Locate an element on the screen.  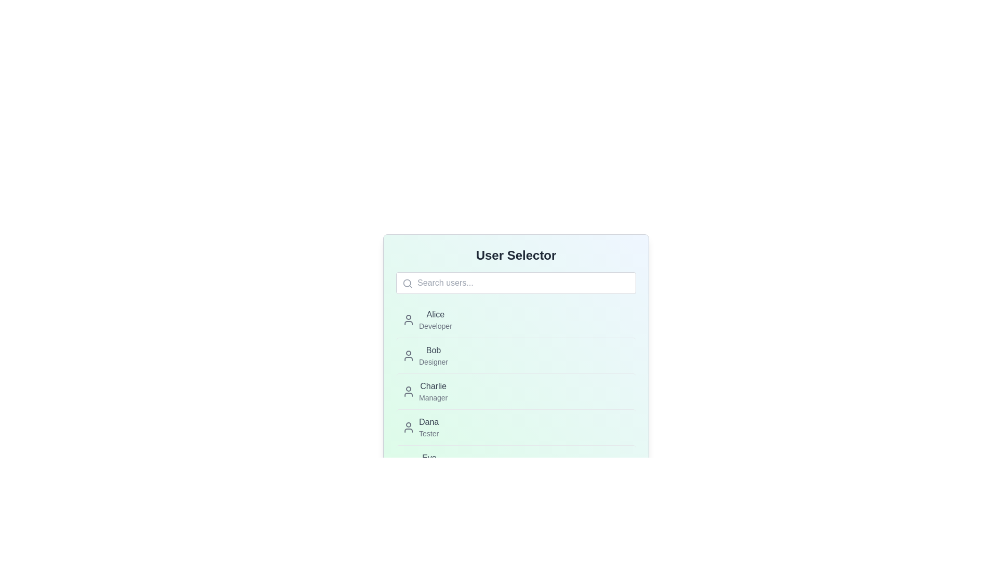
the 'User Selector' text component, which is bold, centered, and displayed in a large font with a dark gray color on a light background is located at coordinates (516, 256).